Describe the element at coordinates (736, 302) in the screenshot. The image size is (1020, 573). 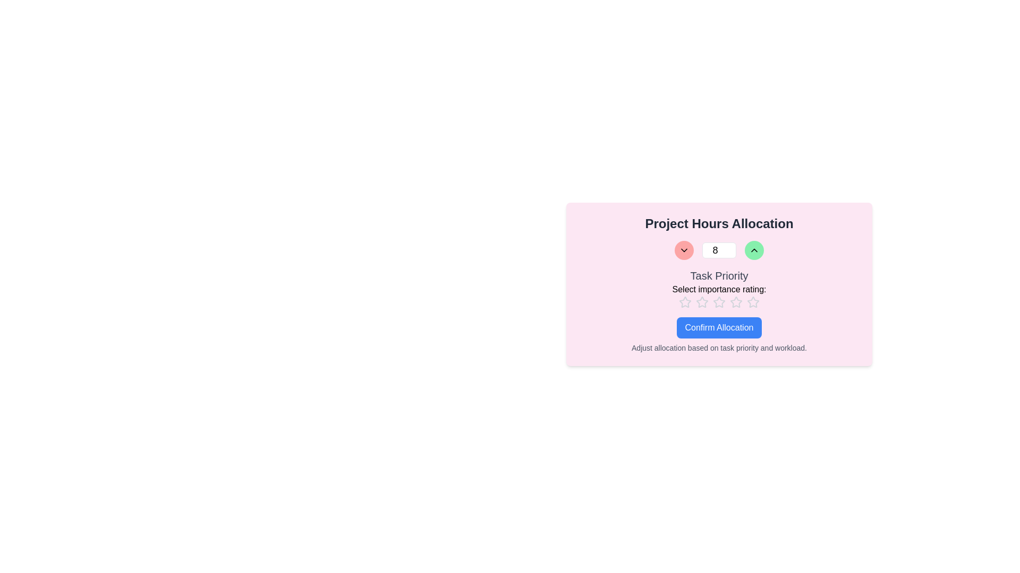
I see `the sixth star icon with a gray outline to set the rating in the 'Select importance rating:' section below 'Task Priority'` at that location.